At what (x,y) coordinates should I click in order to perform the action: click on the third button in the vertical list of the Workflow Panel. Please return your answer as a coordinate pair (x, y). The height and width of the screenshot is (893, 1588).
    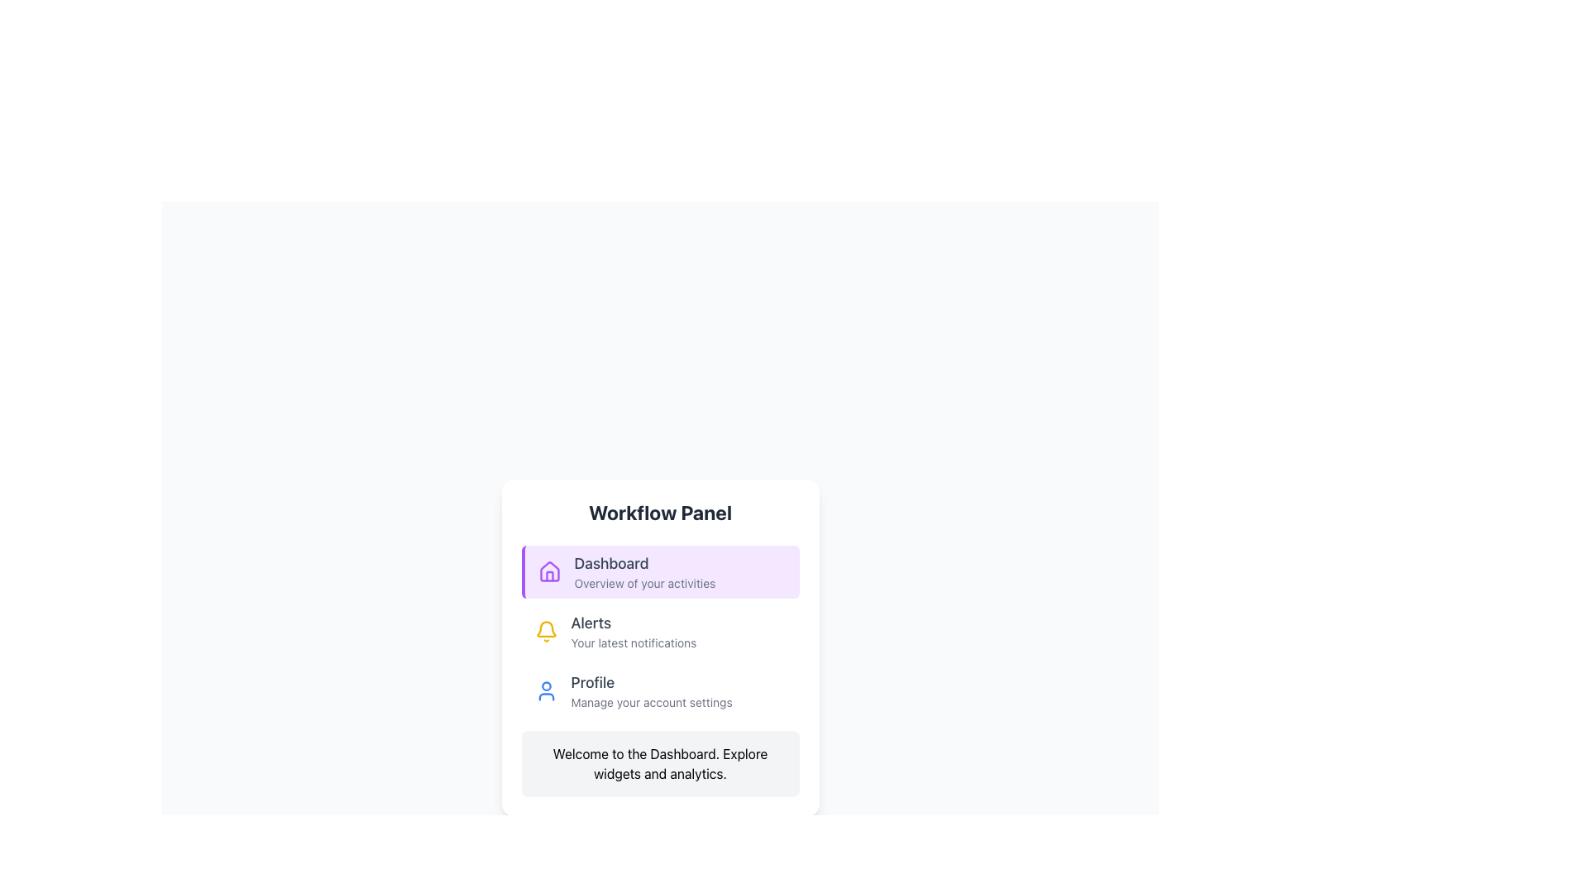
    Looking at the image, I should click on (659, 691).